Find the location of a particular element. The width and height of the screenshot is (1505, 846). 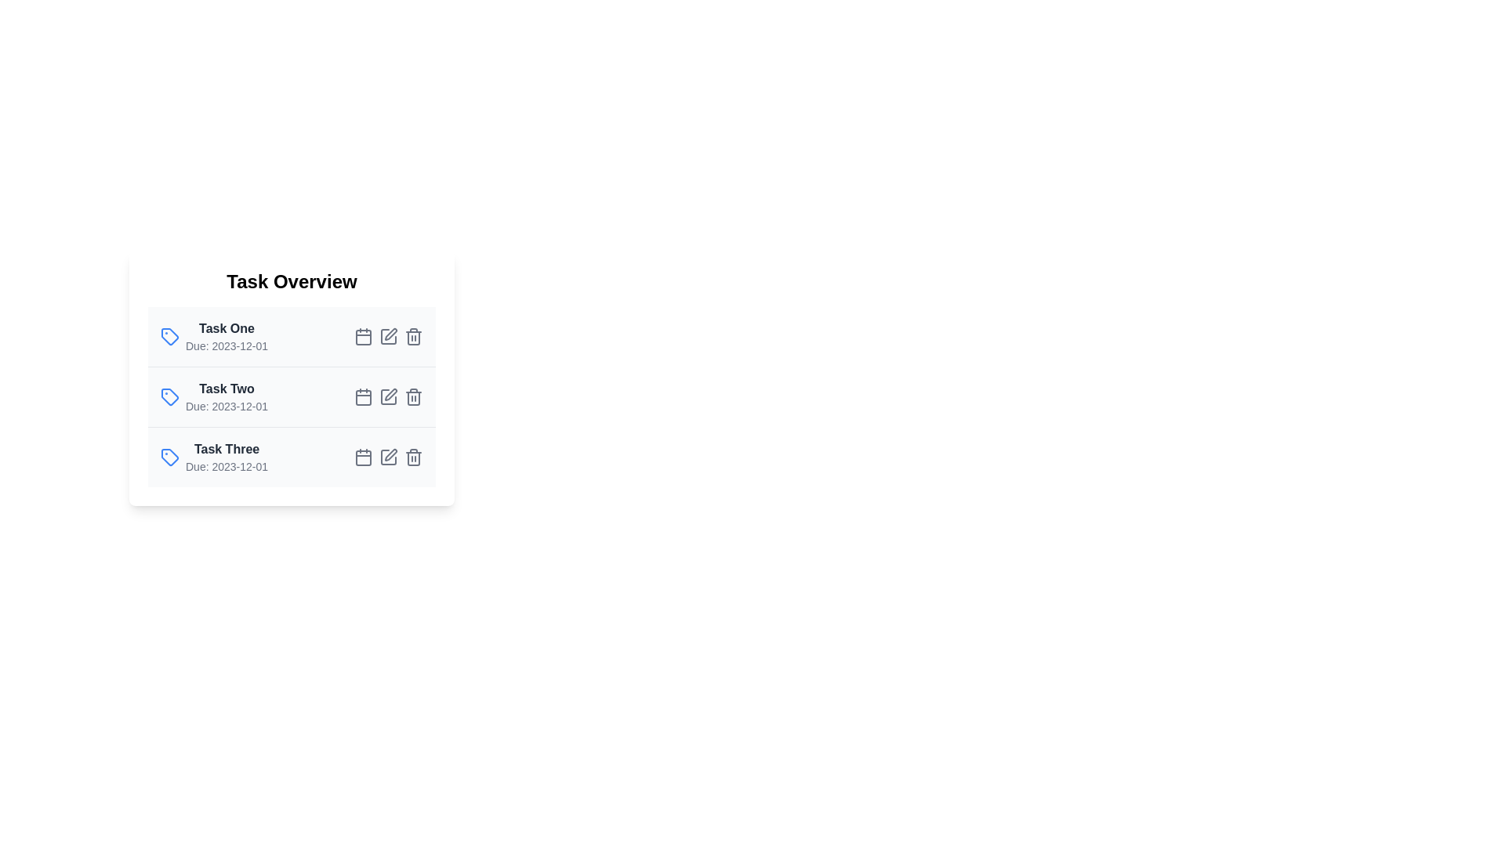

the Inline Edit Button (SVG) adjacent to 'Task Two' to observe the color change from gray to green is located at coordinates (391, 394).